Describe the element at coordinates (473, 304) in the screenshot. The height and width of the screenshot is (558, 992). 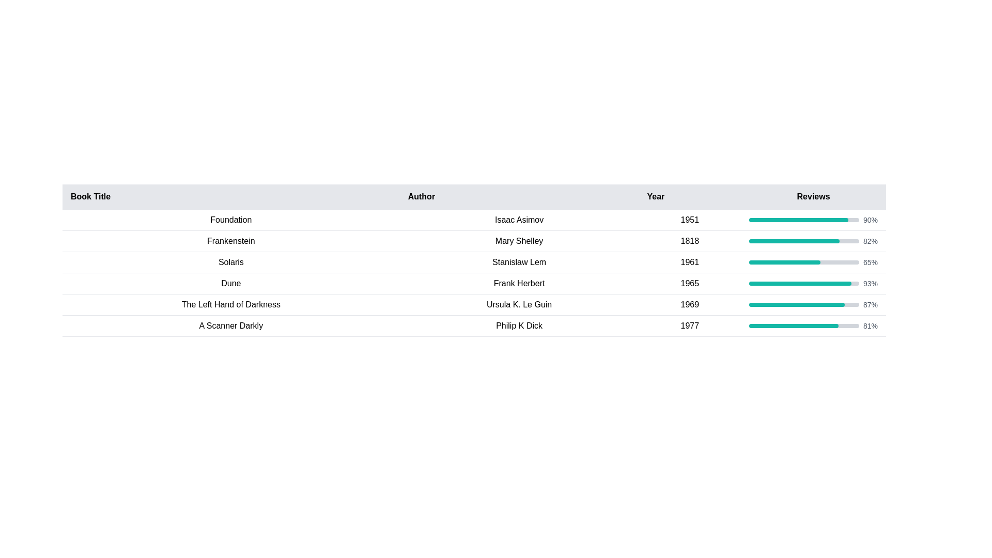
I see `the fifth row in the table that summarizes information about a specific book` at that location.